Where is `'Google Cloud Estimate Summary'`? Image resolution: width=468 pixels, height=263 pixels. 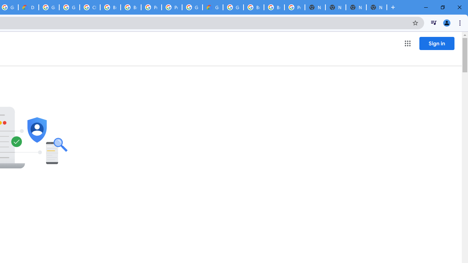
'Google Cloud Estimate Summary' is located at coordinates (212, 7).